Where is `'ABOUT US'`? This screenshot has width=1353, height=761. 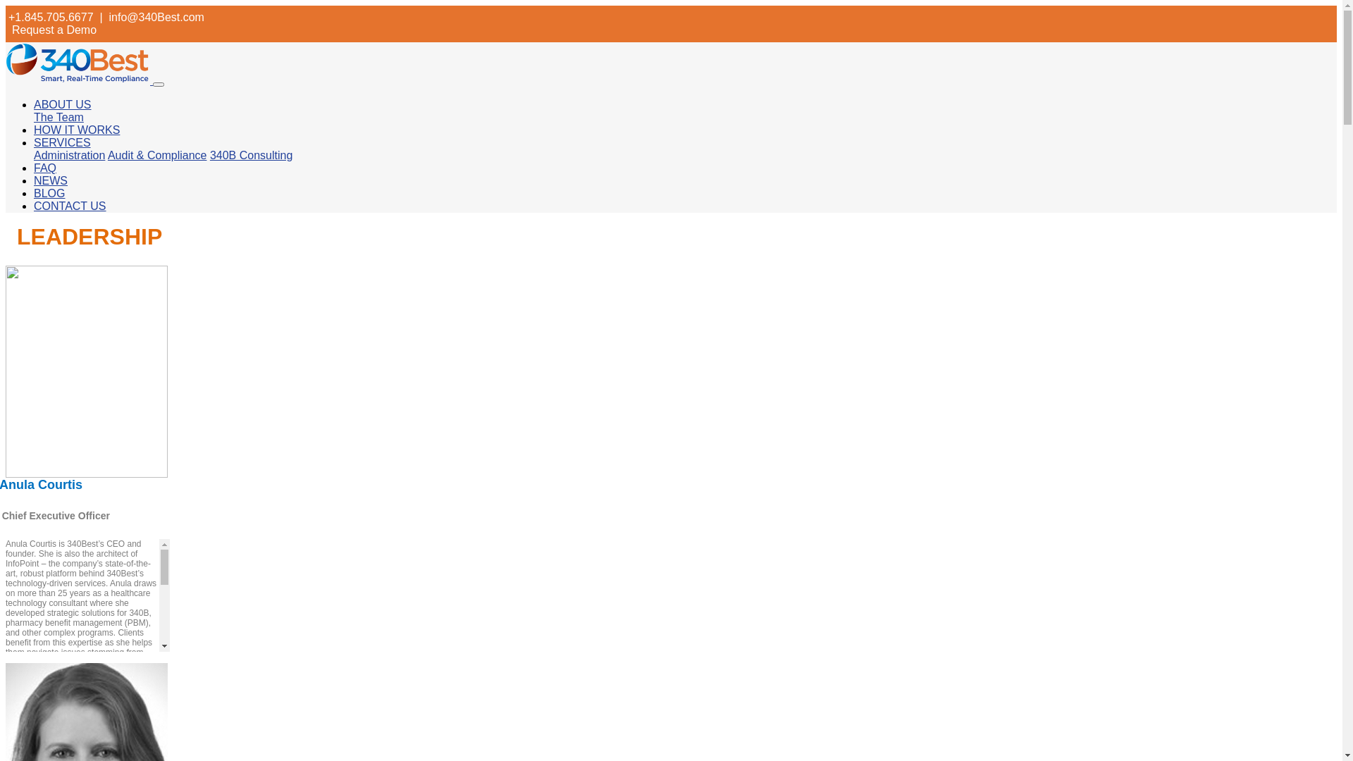 'ABOUT US' is located at coordinates (62, 104).